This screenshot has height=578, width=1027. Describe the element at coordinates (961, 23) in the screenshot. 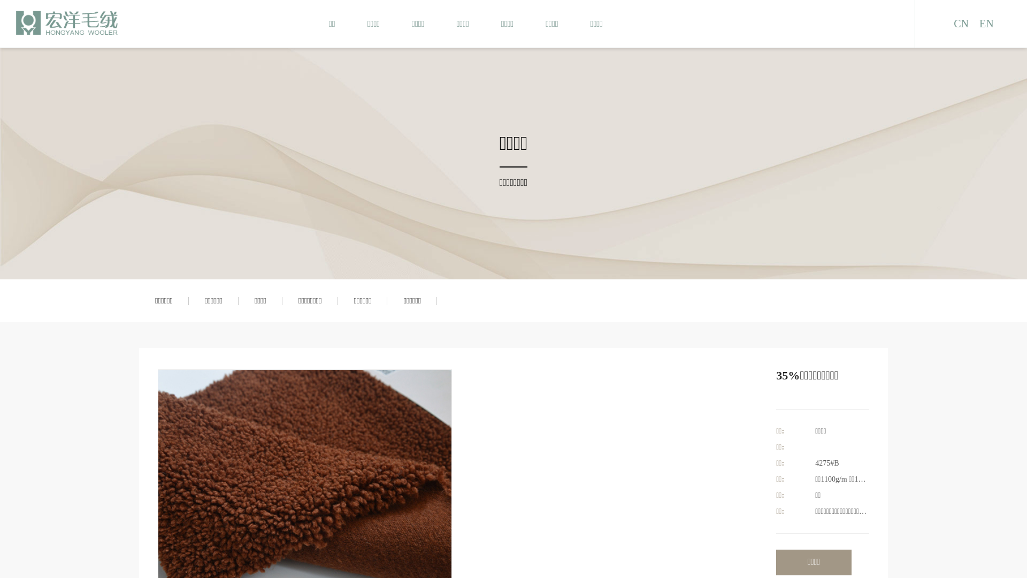

I see `'CN'` at that location.